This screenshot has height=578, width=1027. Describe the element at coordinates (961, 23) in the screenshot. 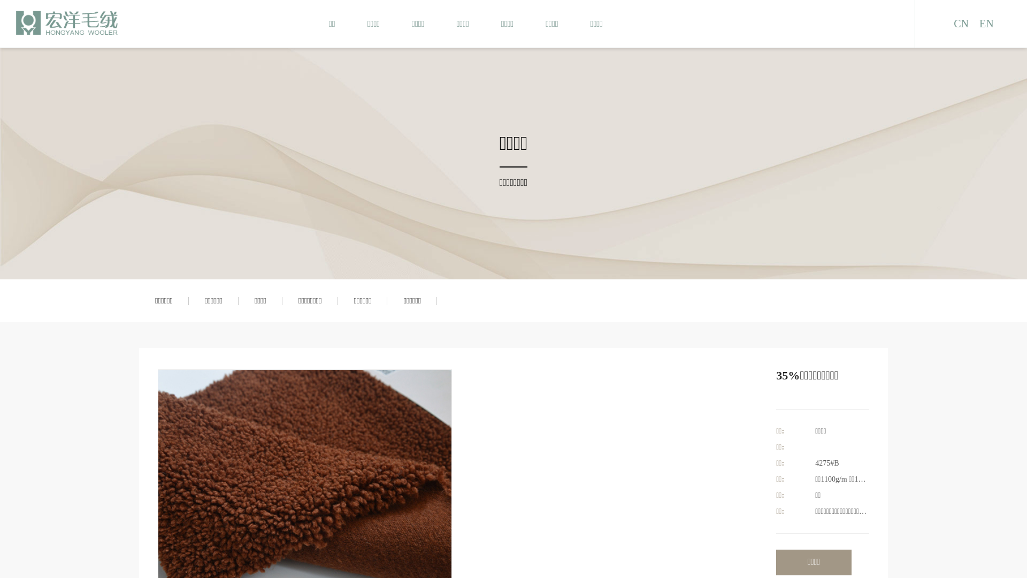

I see `'CN'` at that location.